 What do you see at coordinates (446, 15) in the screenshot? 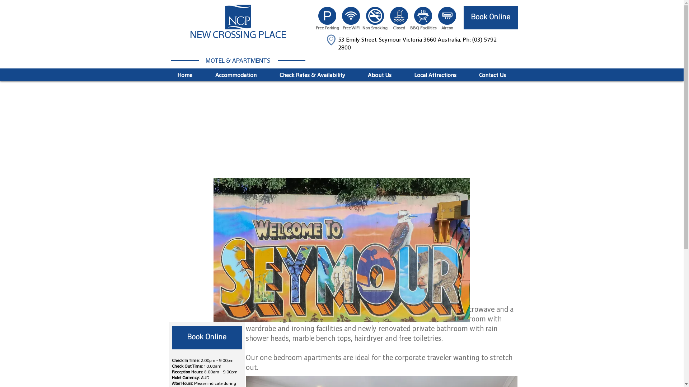
I see `'icon_aircon-w.png'` at bounding box center [446, 15].